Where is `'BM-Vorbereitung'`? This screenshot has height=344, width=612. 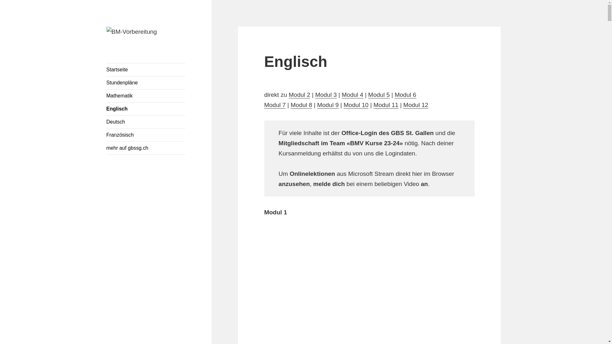 'BM-Vorbereitung' is located at coordinates (141, 46).